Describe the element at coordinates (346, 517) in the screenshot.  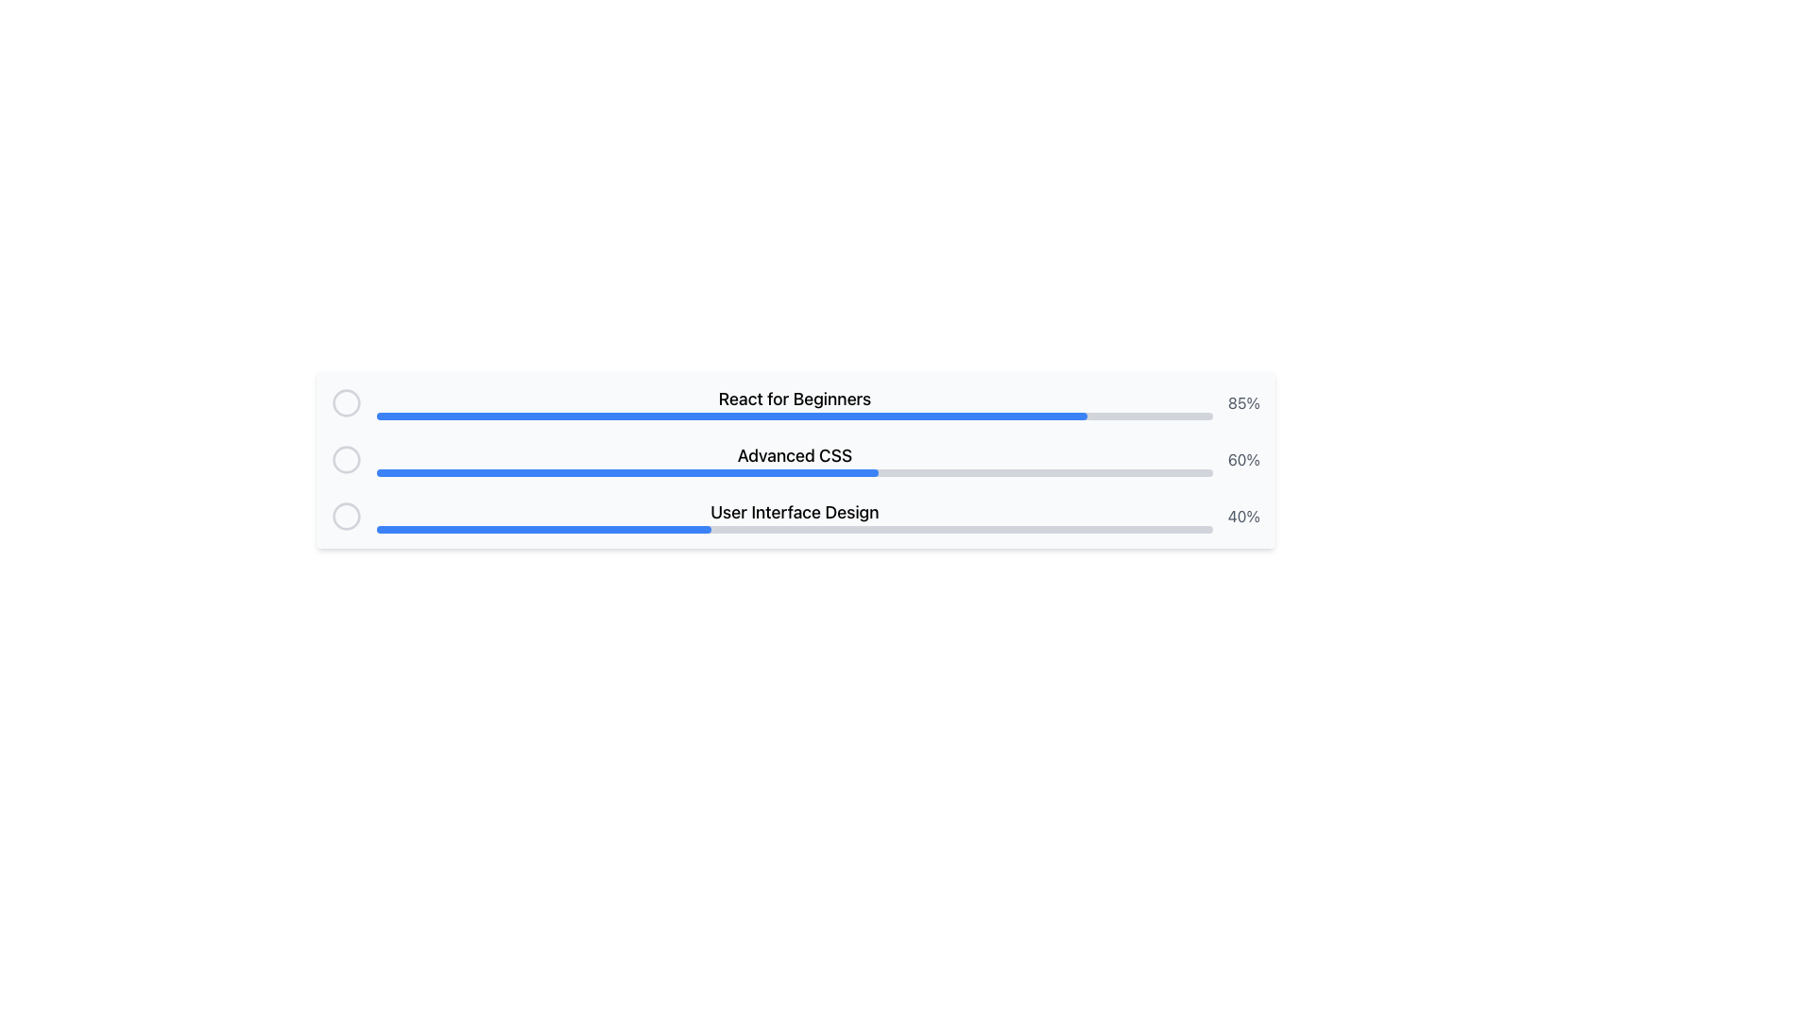
I see `the unselected circular marker located to the left of the text label 'User Interface Design' within the third item of a vertically listed group` at that location.